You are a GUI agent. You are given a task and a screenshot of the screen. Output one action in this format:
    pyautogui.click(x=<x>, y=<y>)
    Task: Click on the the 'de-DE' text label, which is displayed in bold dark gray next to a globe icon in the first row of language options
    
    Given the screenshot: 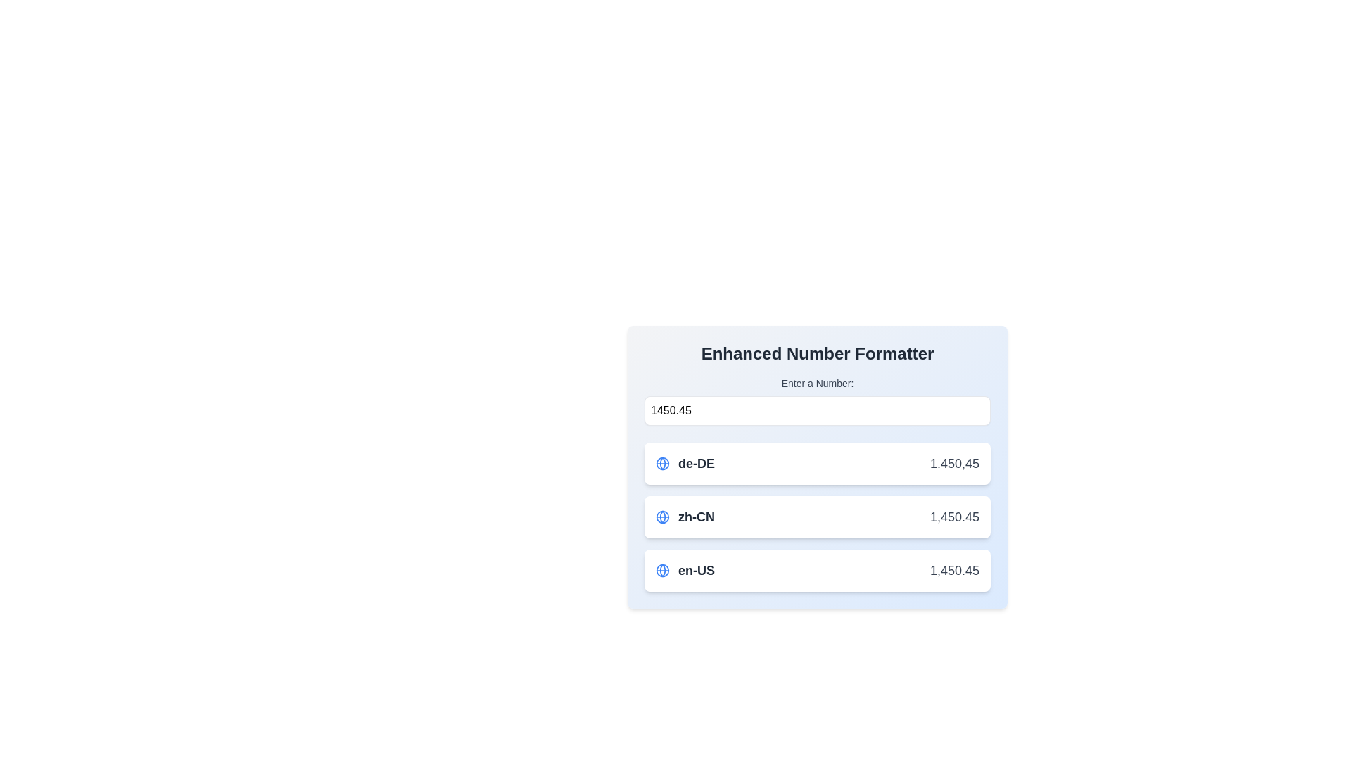 What is the action you would take?
    pyautogui.click(x=696, y=464)
    